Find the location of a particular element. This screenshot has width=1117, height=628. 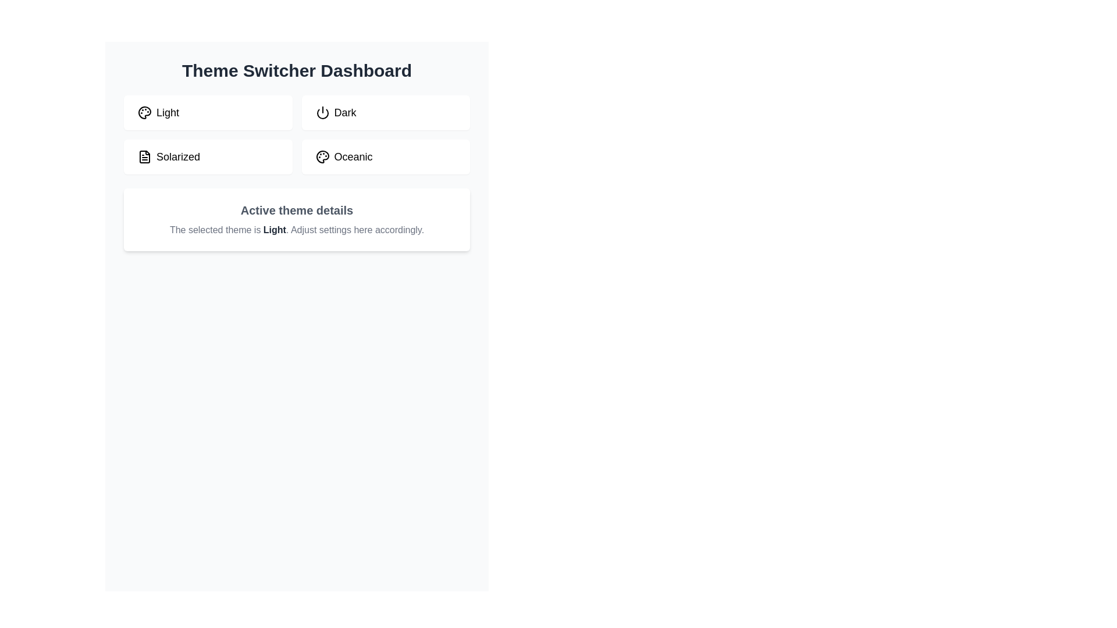

the 'Oceanic' theme icon located on the right side of the second row of the button grid, beneath the 'Dark' button and to the right of the 'Solarized' button is located at coordinates (322, 157).